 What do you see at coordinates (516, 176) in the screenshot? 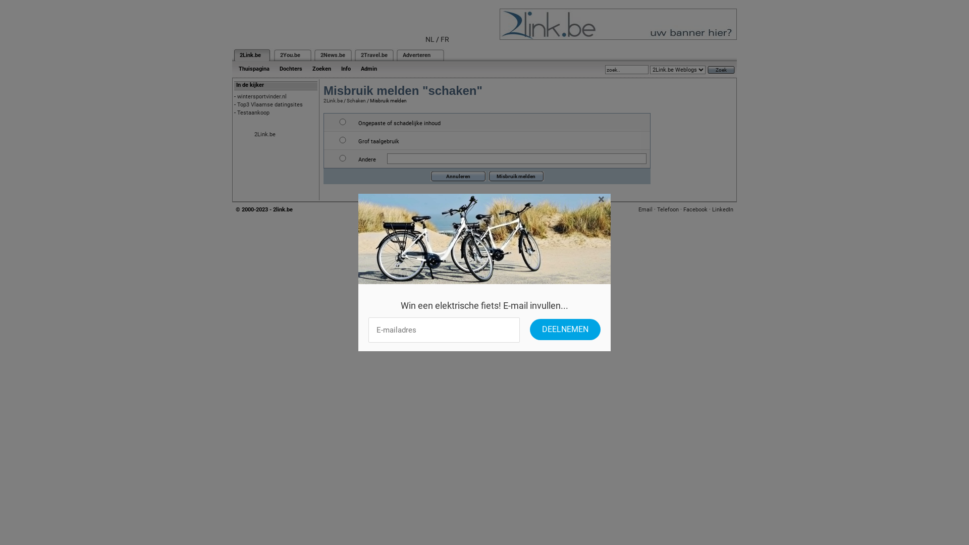
I see `'Misbruik melden'` at bounding box center [516, 176].